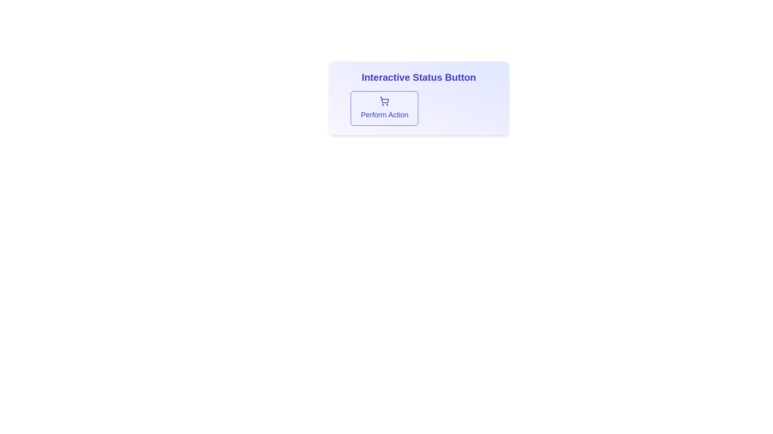 The image size is (773, 434). I want to click on the interactive button with a light blue background and indigo border labeled 'Perform Action', so click(384, 108).